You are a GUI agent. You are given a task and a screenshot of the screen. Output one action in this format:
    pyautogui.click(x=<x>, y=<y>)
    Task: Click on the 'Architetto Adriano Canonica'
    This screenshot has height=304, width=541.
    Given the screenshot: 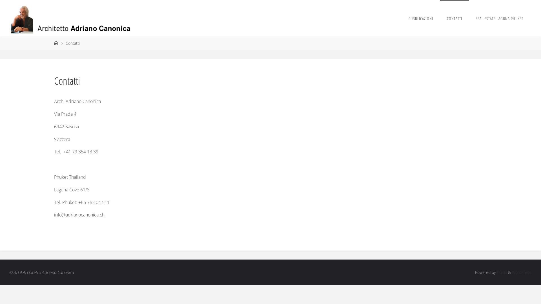 What is the action you would take?
    pyautogui.click(x=72, y=18)
    